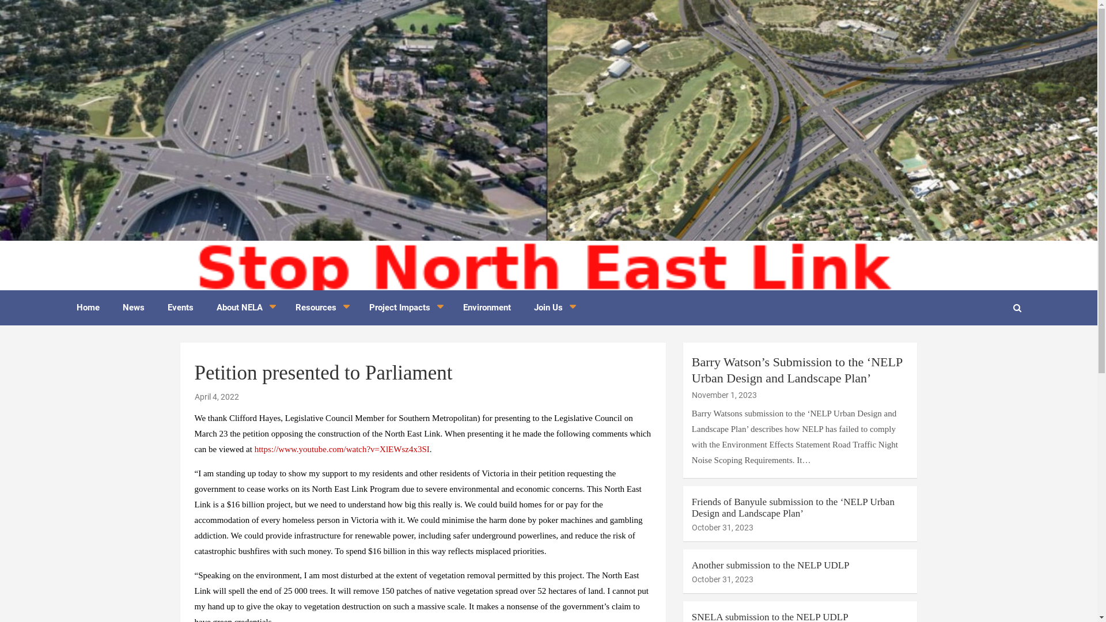  I want to click on 'October 31, 2023', so click(722, 527).